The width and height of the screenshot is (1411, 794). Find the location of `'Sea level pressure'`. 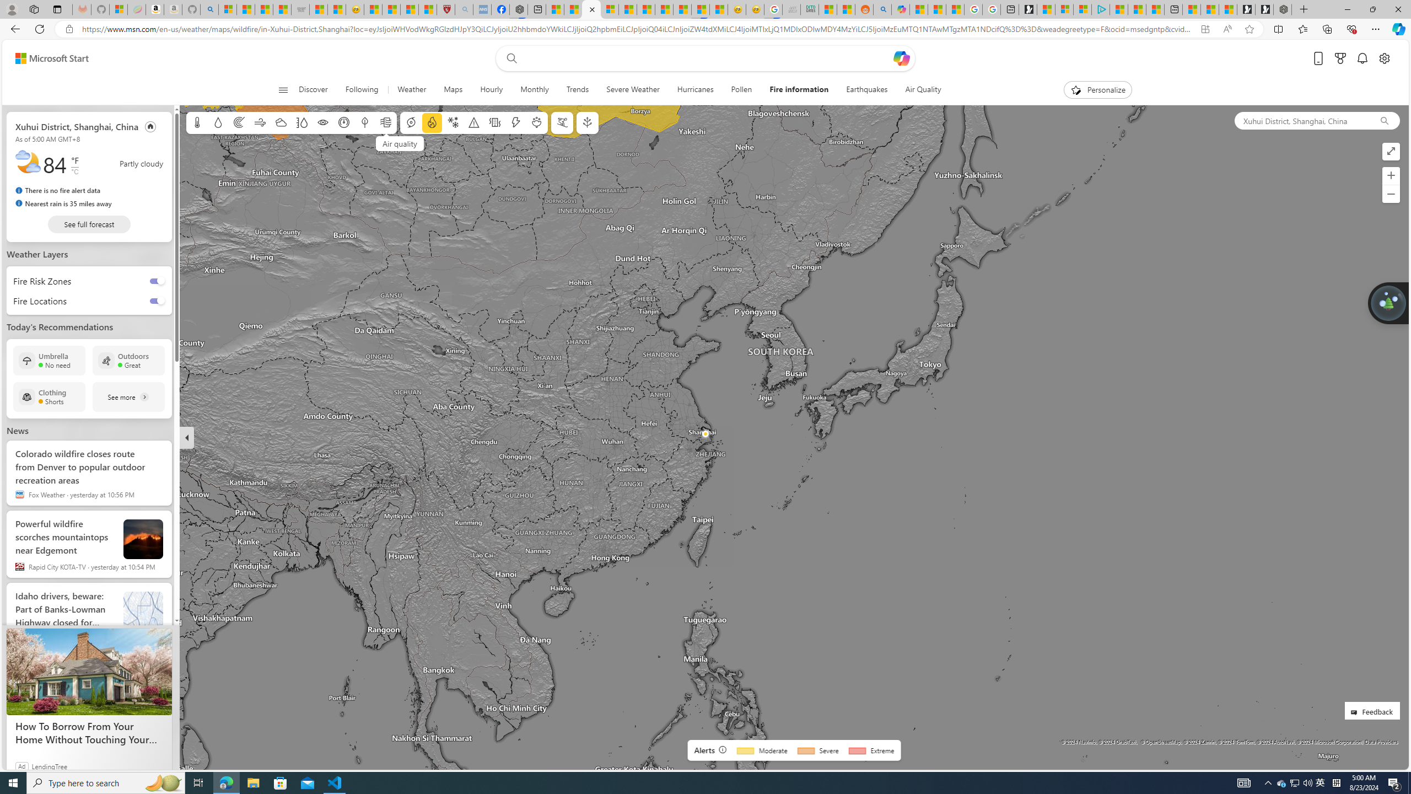

'Sea level pressure' is located at coordinates (343, 122).